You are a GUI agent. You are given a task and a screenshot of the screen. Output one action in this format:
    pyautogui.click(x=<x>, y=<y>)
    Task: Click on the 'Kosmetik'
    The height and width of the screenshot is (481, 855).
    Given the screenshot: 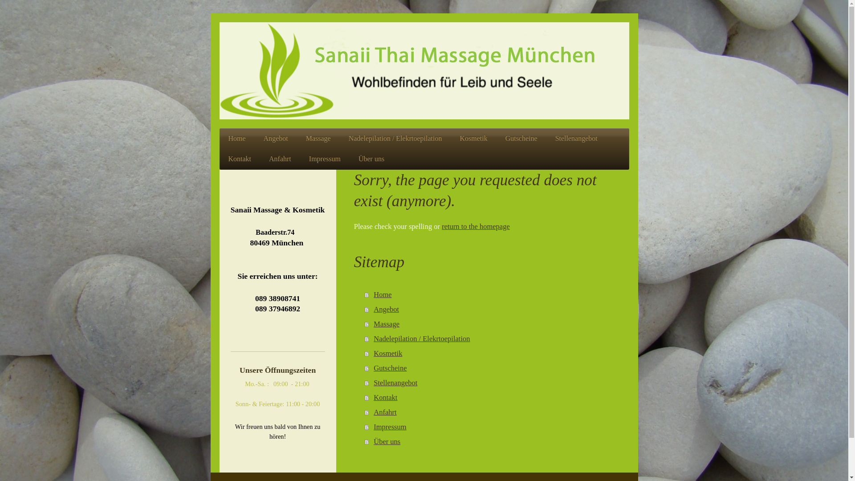 What is the action you would take?
    pyautogui.click(x=492, y=353)
    